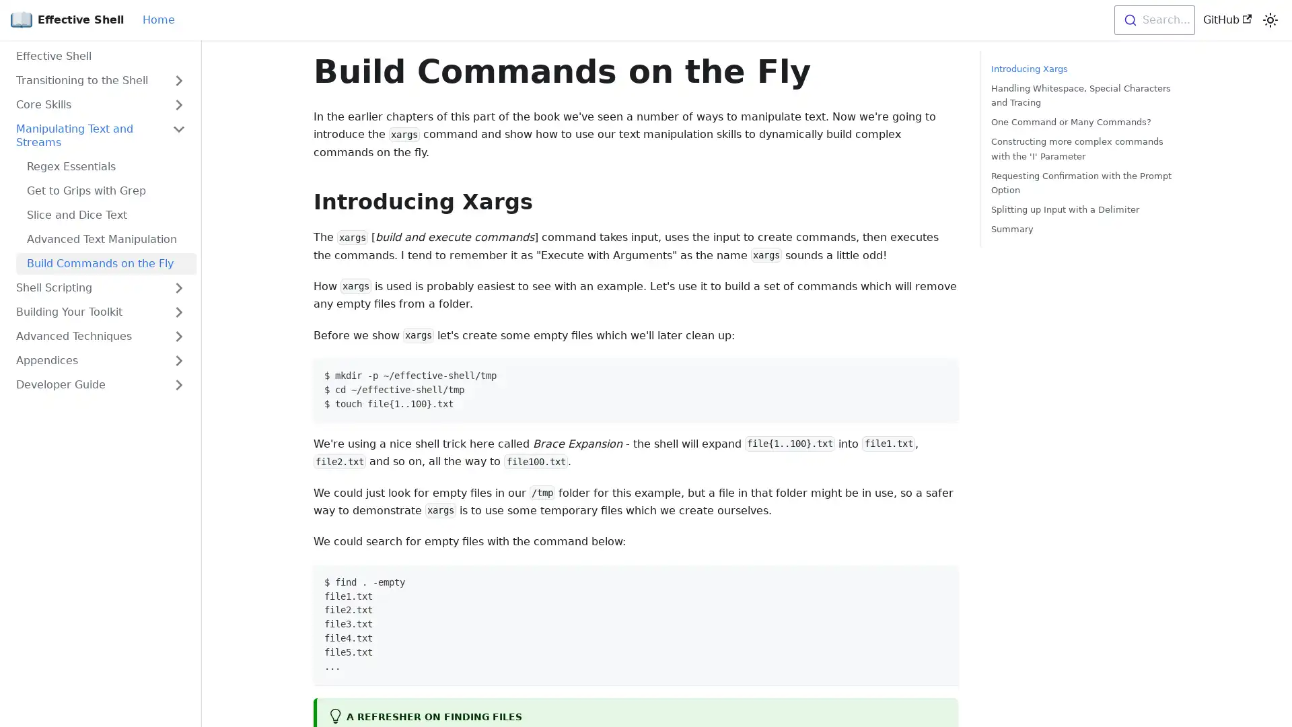 The image size is (1292, 727). Describe the element at coordinates (178, 135) in the screenshot. I see `Toggle the collapsible sidebar category 'Manipulating Text and Streams'` at that location.